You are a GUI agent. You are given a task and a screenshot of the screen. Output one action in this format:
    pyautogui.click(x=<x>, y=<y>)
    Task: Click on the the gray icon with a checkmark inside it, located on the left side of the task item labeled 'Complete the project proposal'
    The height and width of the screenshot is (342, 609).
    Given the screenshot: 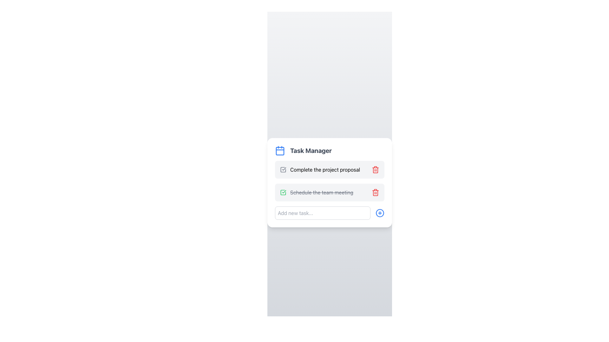 What is the action you would take?
    pyautogui.click(x=283, y=169)
    